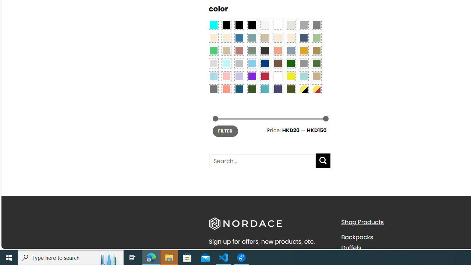 The height and width of the screenshot is (265, 471). I want to click on 'Yellow', so click(290, 77).